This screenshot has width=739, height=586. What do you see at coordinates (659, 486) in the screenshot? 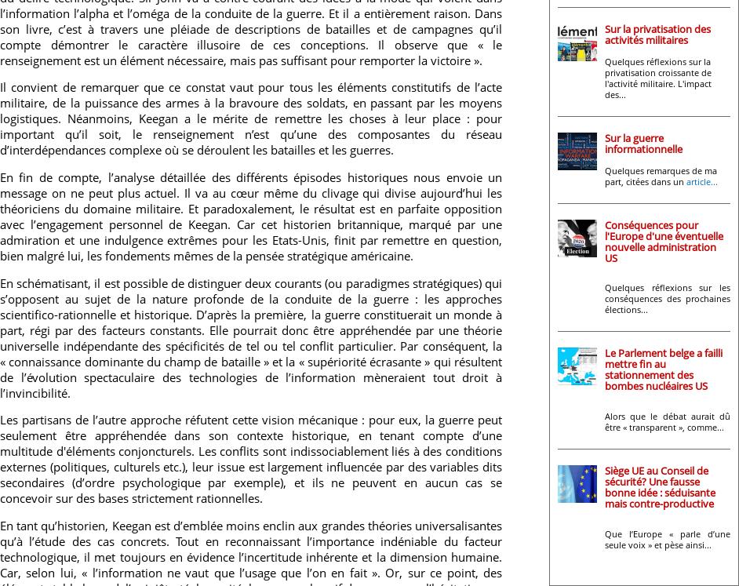
I see `'Siège UE au Conseil de sécurité? Une fausse bonne idée : séduisante mais contre-productive'` at bounding box center [659, 486].